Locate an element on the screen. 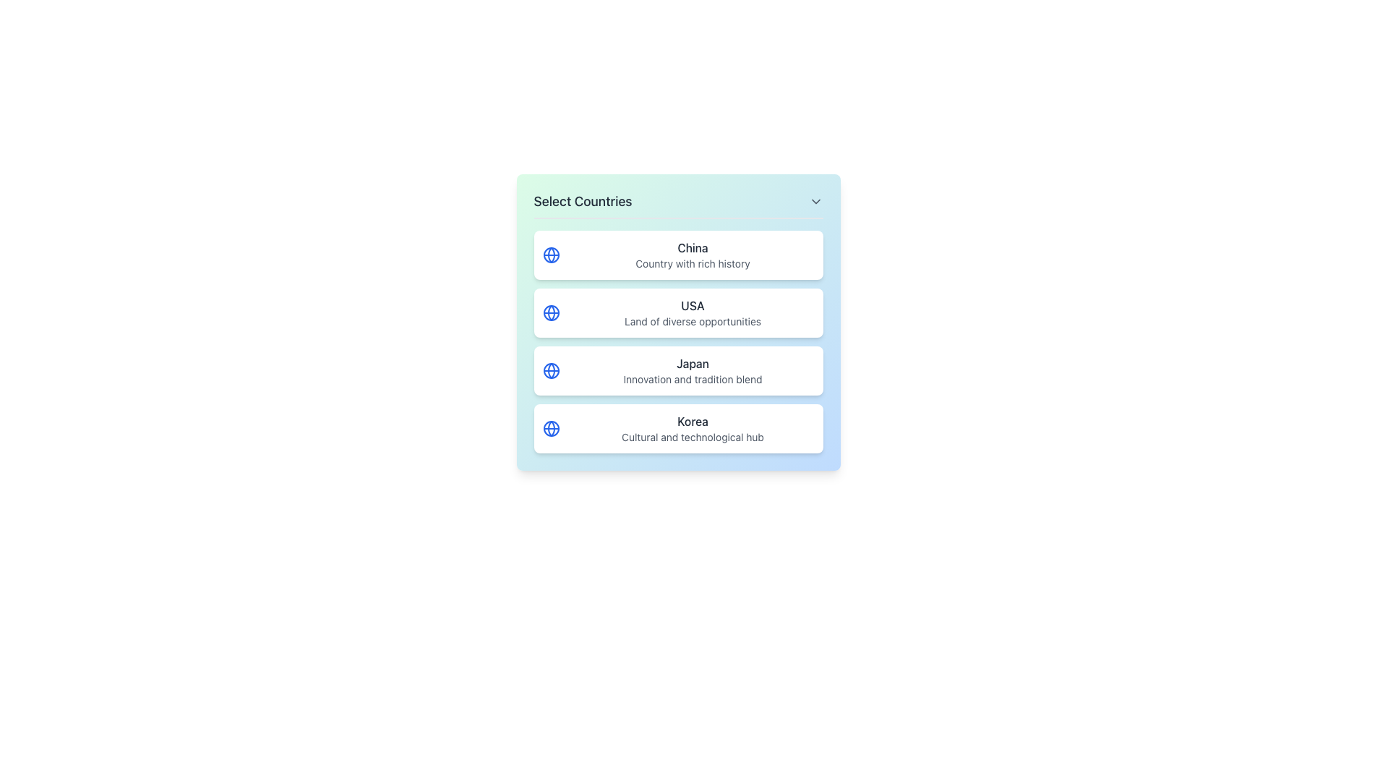 This screenshot has width=1388, height=781. descriptive text label providing information about the country 'Korea', located directly below the primary heading 'Korea' in the vertical list of entries is located at coordinates (692, 437).